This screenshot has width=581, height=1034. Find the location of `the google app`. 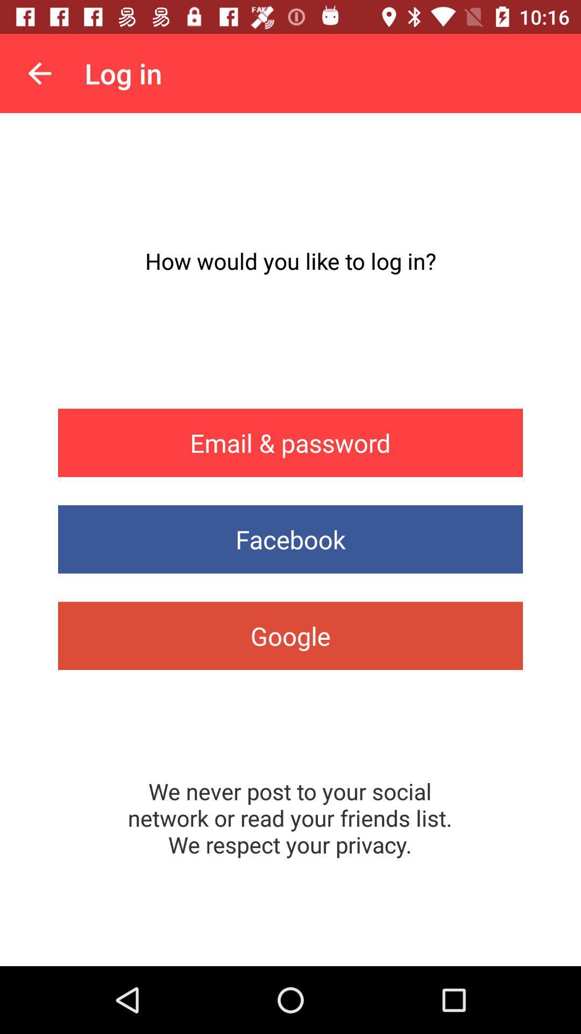

the google app is located at coordinates (290, 635).